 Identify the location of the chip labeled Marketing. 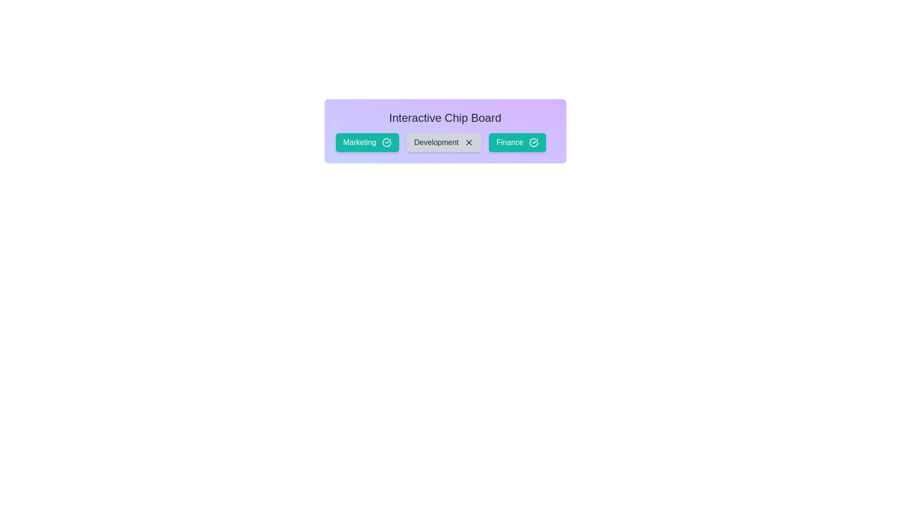
(367, 142).